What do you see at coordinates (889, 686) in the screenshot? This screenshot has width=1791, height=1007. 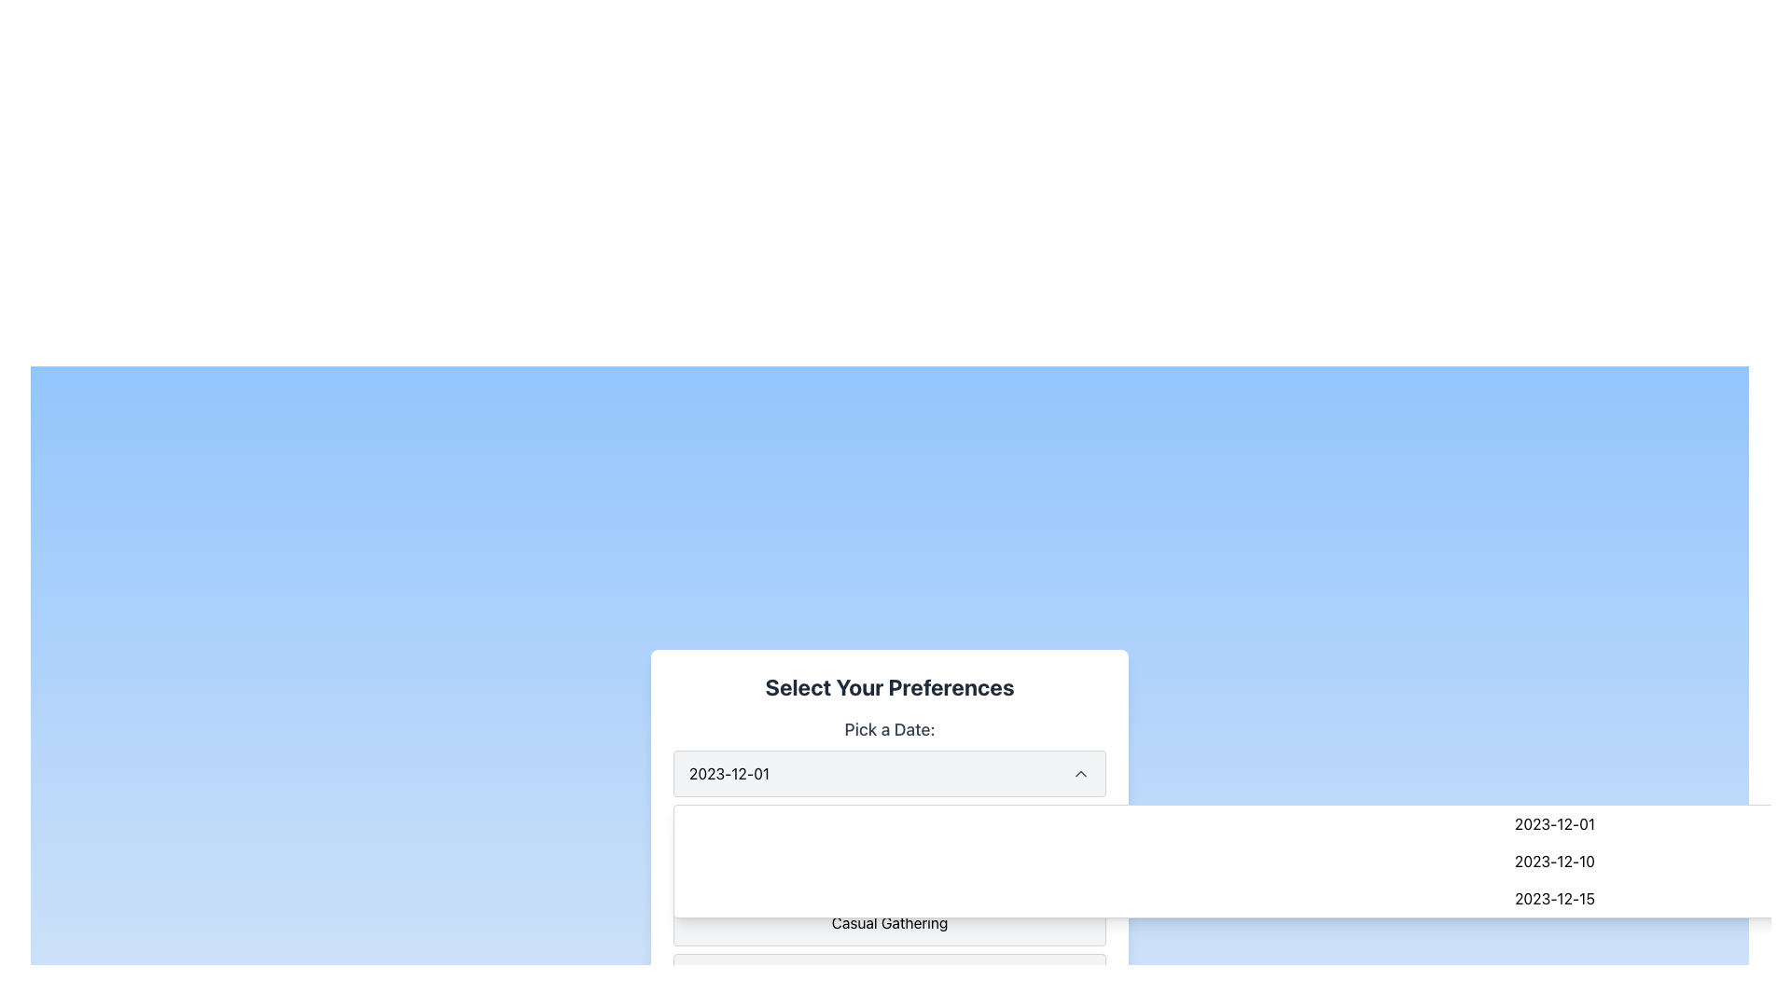 I see `the static text heading labeled 'Select Your Preferences', which is prominently displayed at the top of the form in a bold dark gray font` at bounding box center [889, 686].